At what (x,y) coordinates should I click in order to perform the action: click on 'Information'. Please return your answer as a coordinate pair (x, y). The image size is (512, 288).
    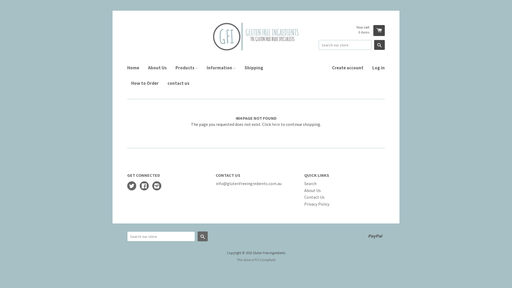
    Looking at the image, I should click on (221, 67).